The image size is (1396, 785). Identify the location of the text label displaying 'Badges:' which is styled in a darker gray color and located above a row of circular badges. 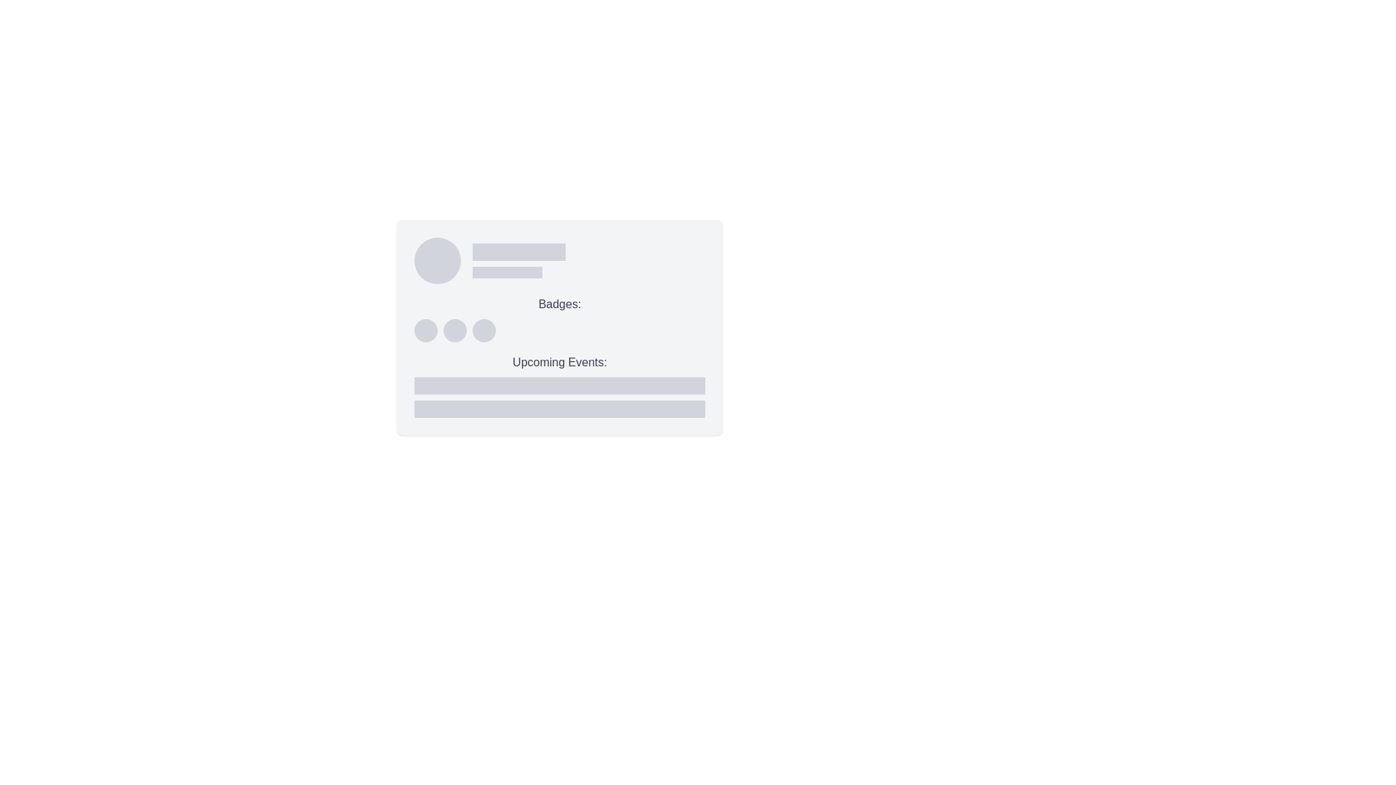
(558, 304).